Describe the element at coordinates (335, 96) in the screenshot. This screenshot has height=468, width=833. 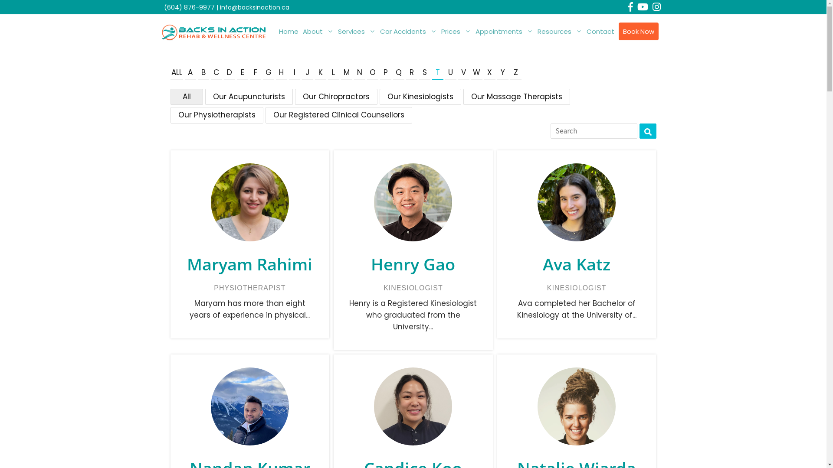
I see `'Our Chiropractors'` at that location.